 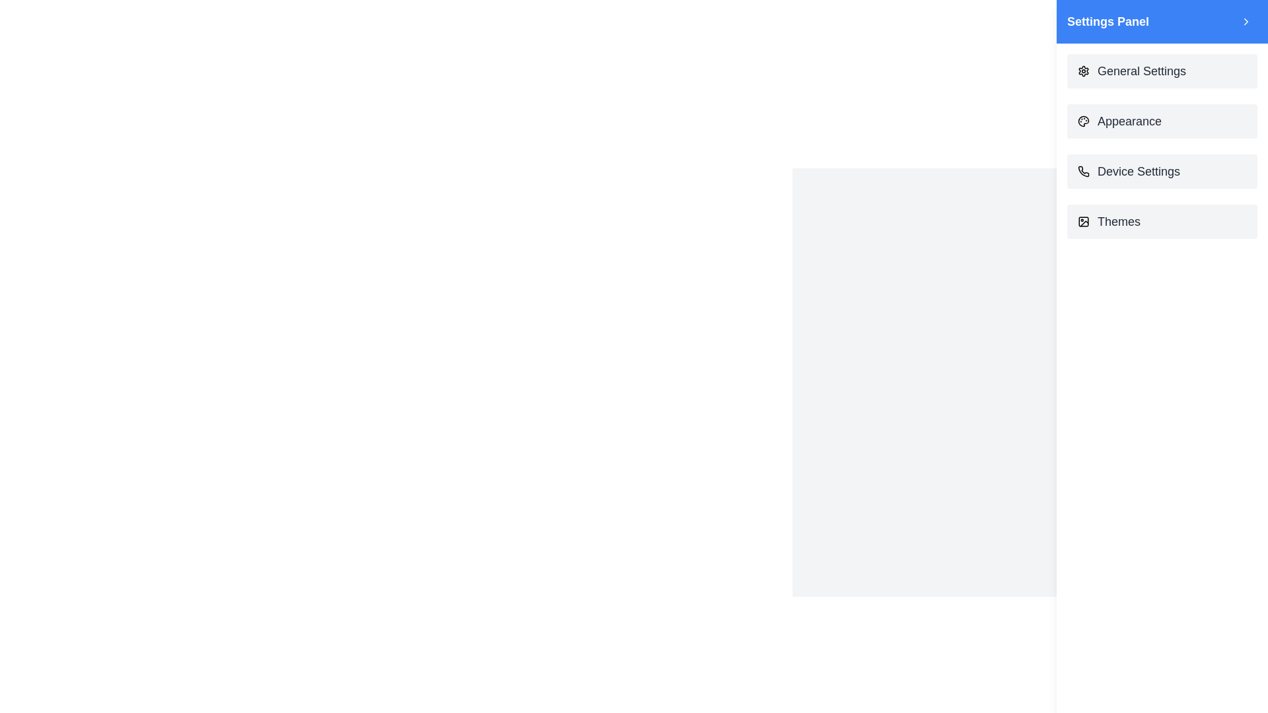 What do you see at coordinates (1162, 121) in the screenshot?
I see `the 'Appearance' button, which is the second item in the vertical list on the right side of the interface` at bounding box center [1162, 121].